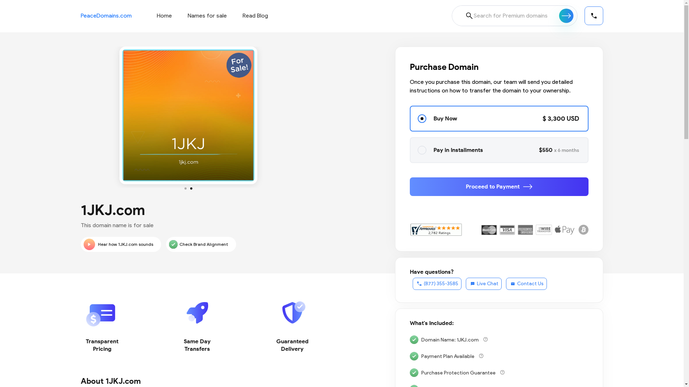 The image size is (689, 387). Describe the element at coordinates (105, 15) in the screenshot. I see `'PeaceDomains.com'` at that location.